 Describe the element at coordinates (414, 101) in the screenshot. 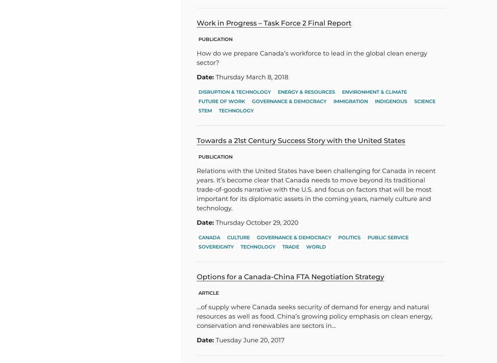

I see `'Science'` at that location.